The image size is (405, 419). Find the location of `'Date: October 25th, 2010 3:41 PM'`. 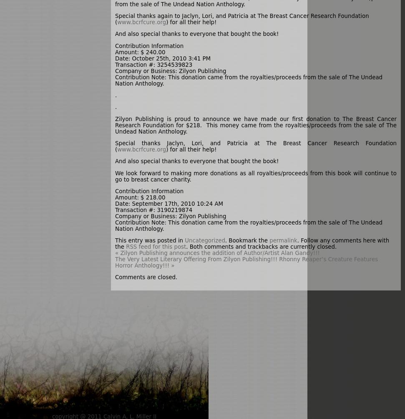

'Date: October 25th, 2010 3:41 PM' is located at coordinates (162, 58).